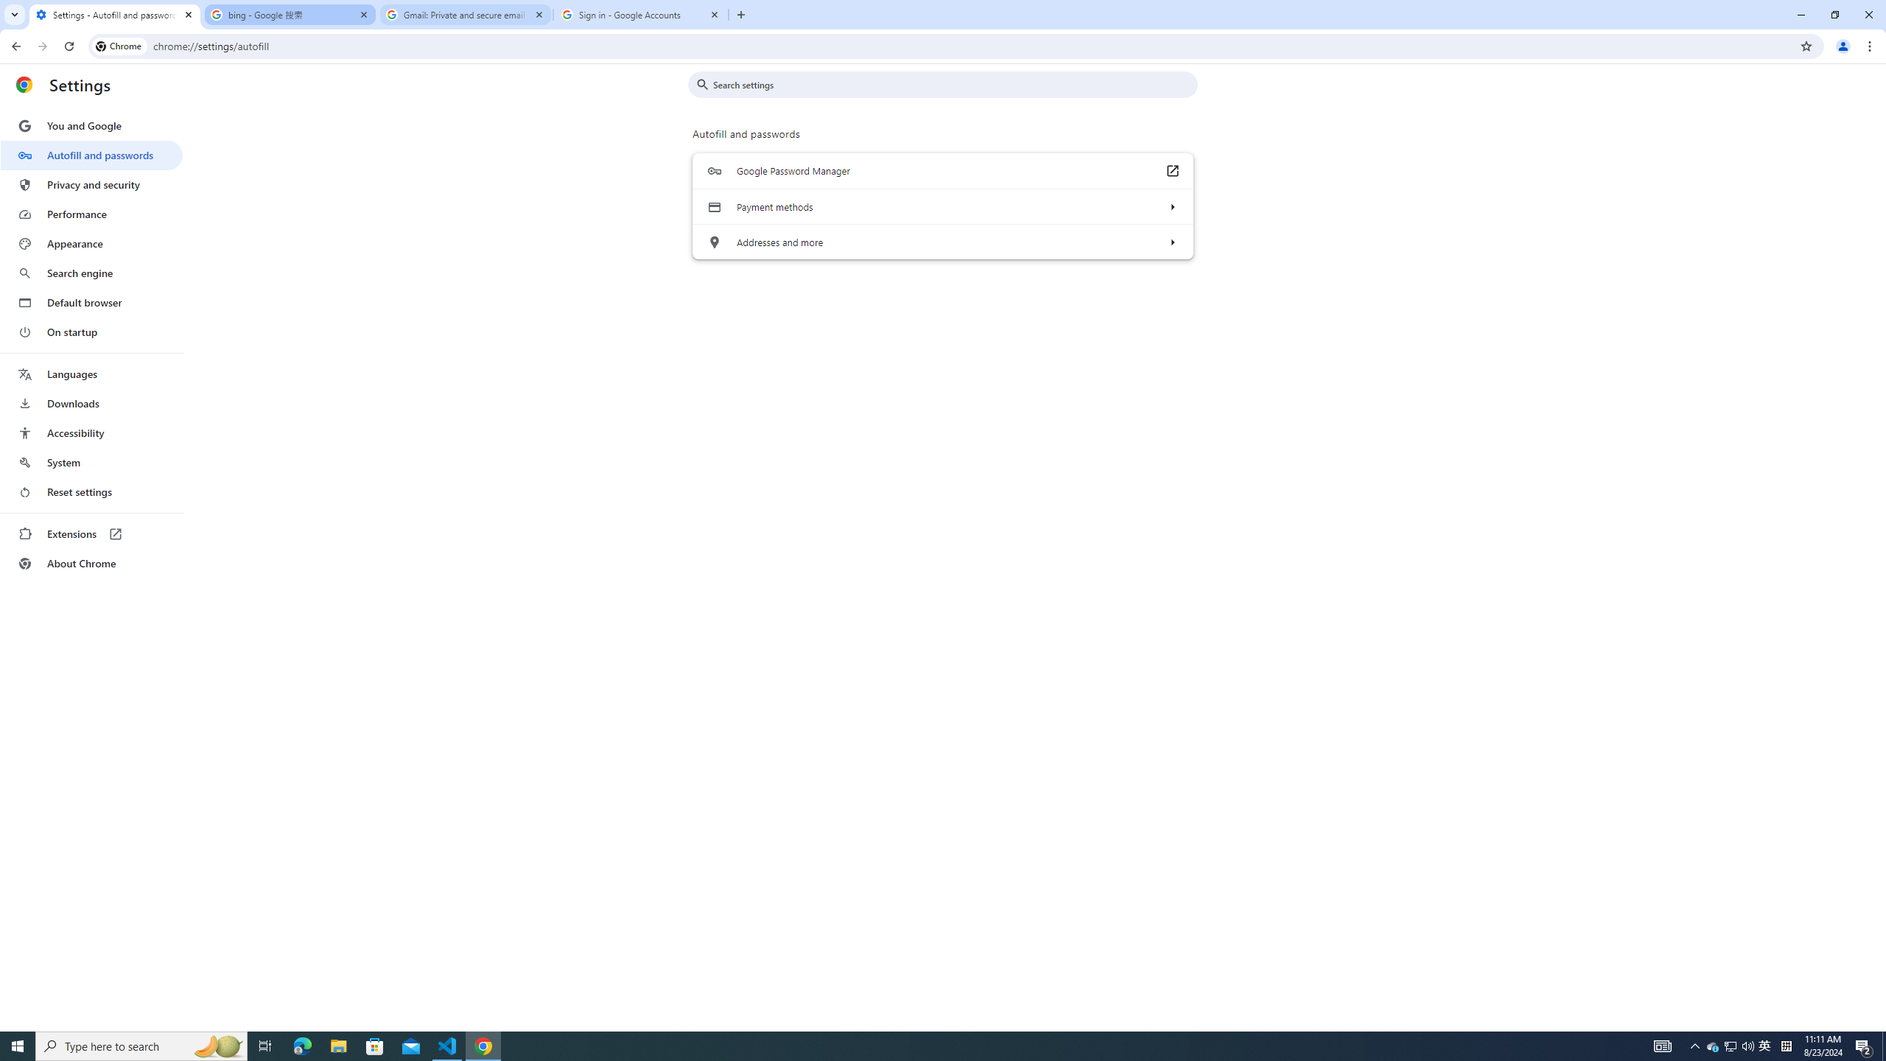 This screenshot has height=1061, width=1886. I want to click on 'Settings - Autofill and passwords', so click(114, 14).